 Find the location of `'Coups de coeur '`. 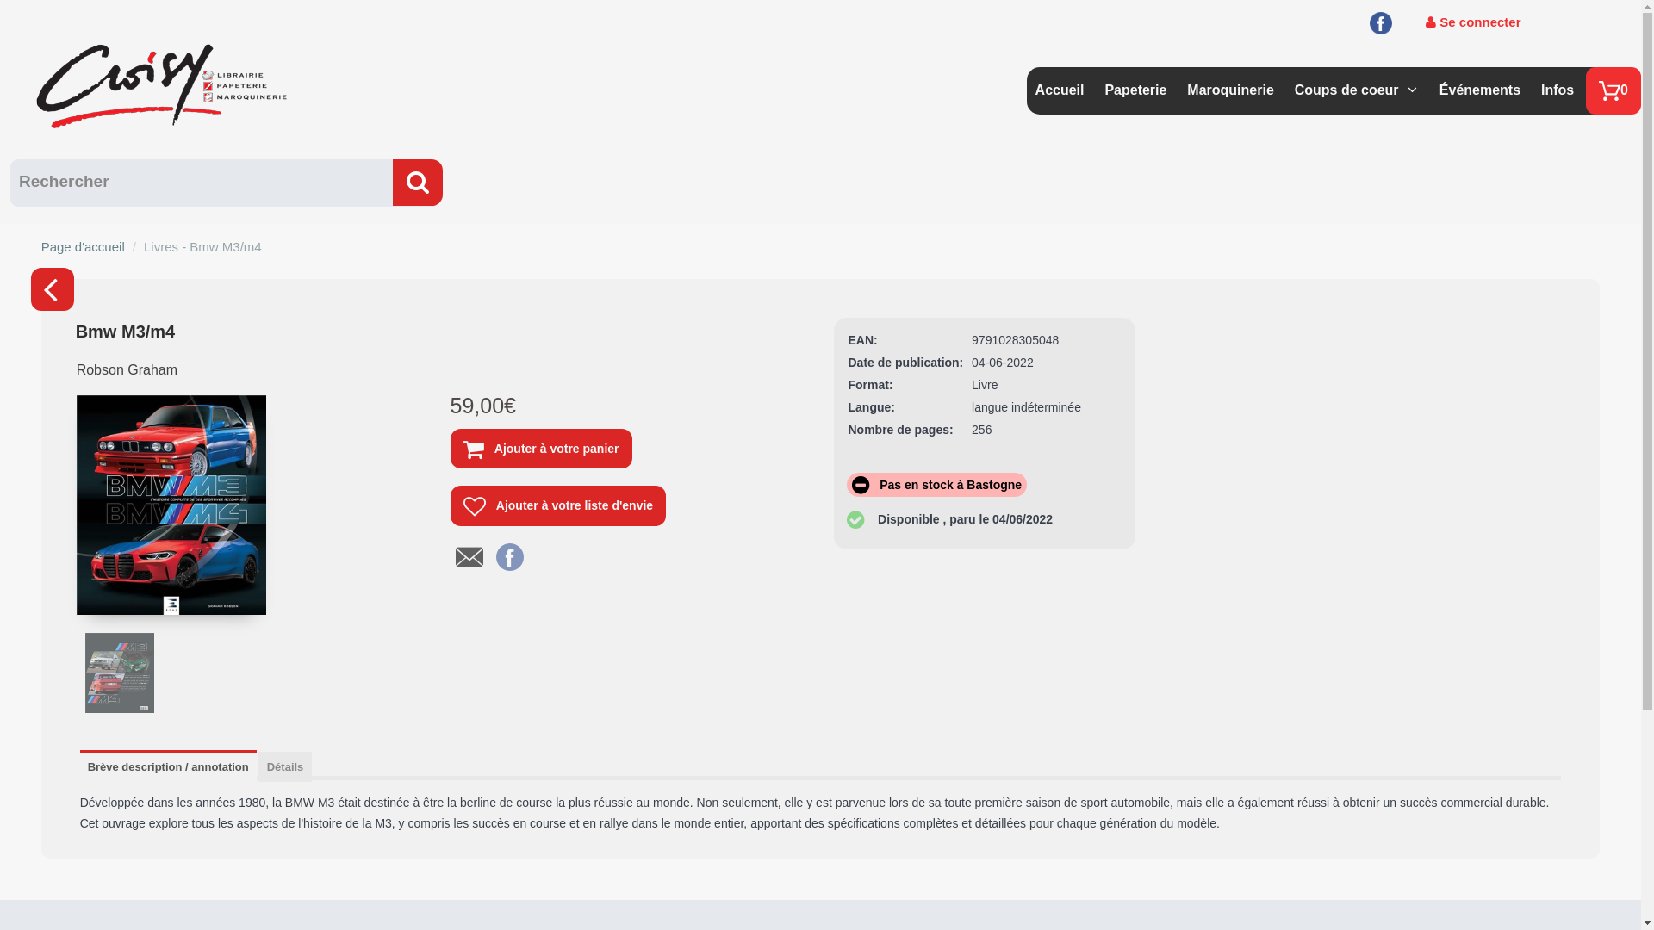

'Coups de coeur ' is located at coordinates (1347, 84).